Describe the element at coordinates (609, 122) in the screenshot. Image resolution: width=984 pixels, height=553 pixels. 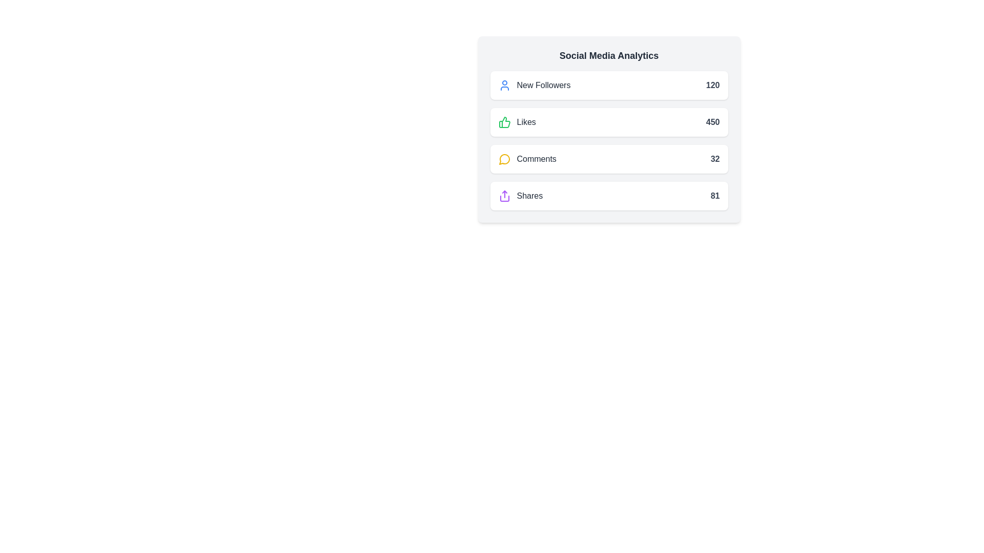
I see `the 'Likes' Informational card to focus on it, which is the second box in the vertical list of the 'Social Media Analytics' module` at that location.